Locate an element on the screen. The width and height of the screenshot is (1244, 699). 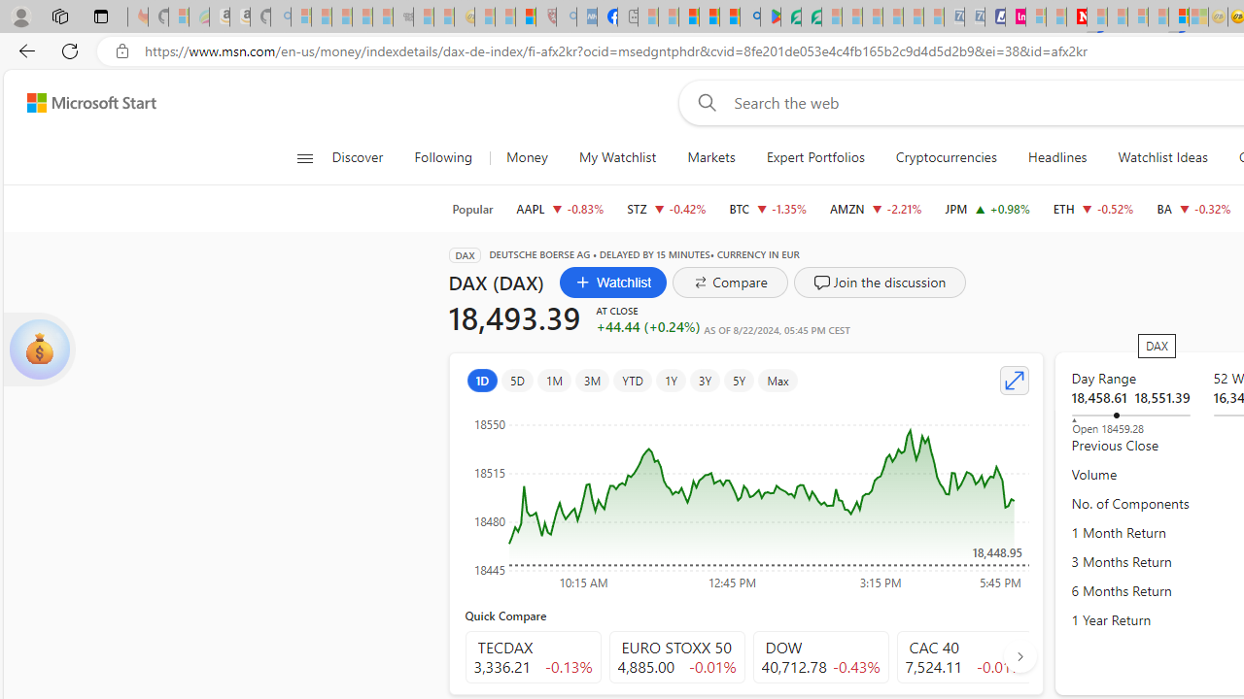
'Bluey: Let' is located at coordinates (769, 17).